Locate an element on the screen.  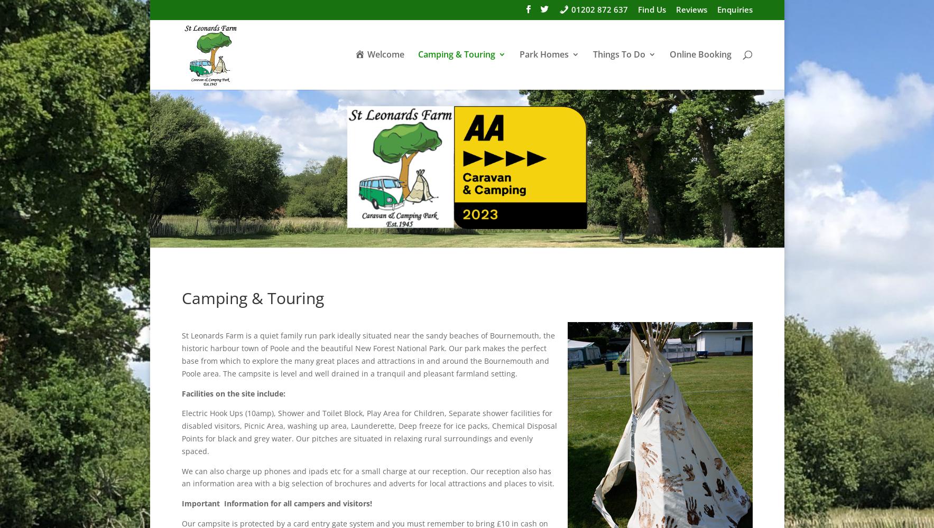
'Park Homes' is located at coordinates (543, 54).